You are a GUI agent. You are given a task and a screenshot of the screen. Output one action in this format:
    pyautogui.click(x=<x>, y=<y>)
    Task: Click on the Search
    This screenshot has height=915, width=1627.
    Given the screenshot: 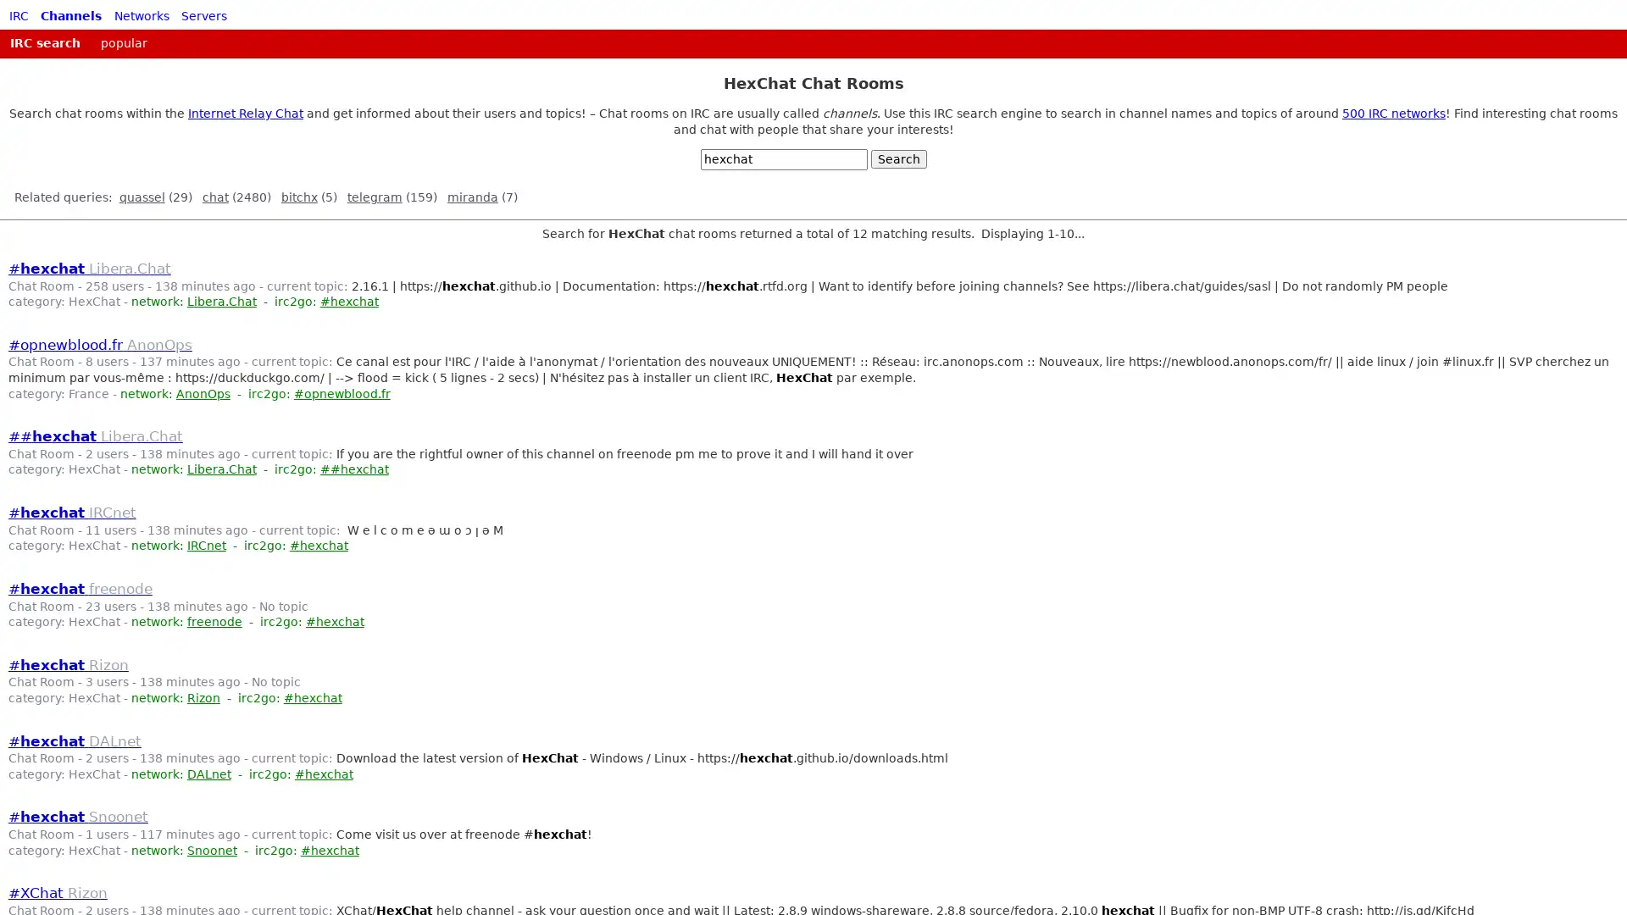 What is the action you would take?
    pyautogui.click(x=897, y=159)
    